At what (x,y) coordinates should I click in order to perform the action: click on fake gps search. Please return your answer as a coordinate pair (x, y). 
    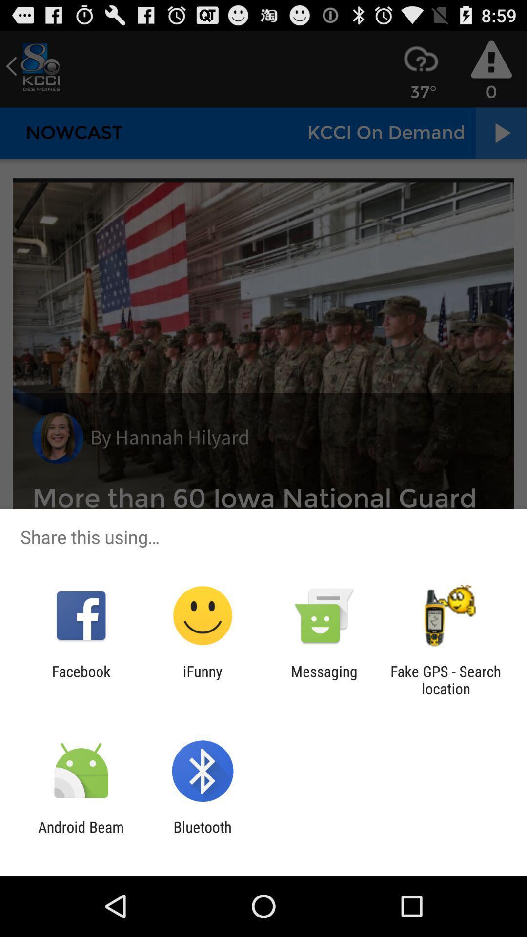
    Looking at the image, I should click on (446, 679).